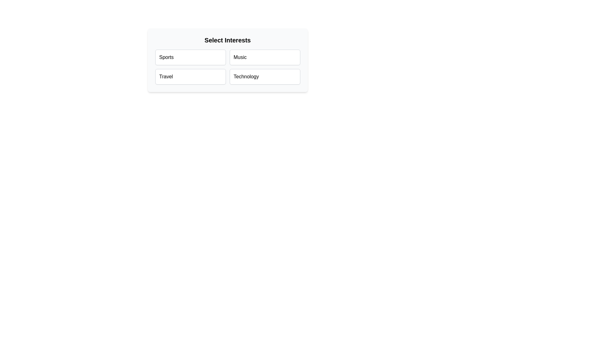 The image size is (600, 337). I want to click on the chip labeled Sports, so click(190, 57).